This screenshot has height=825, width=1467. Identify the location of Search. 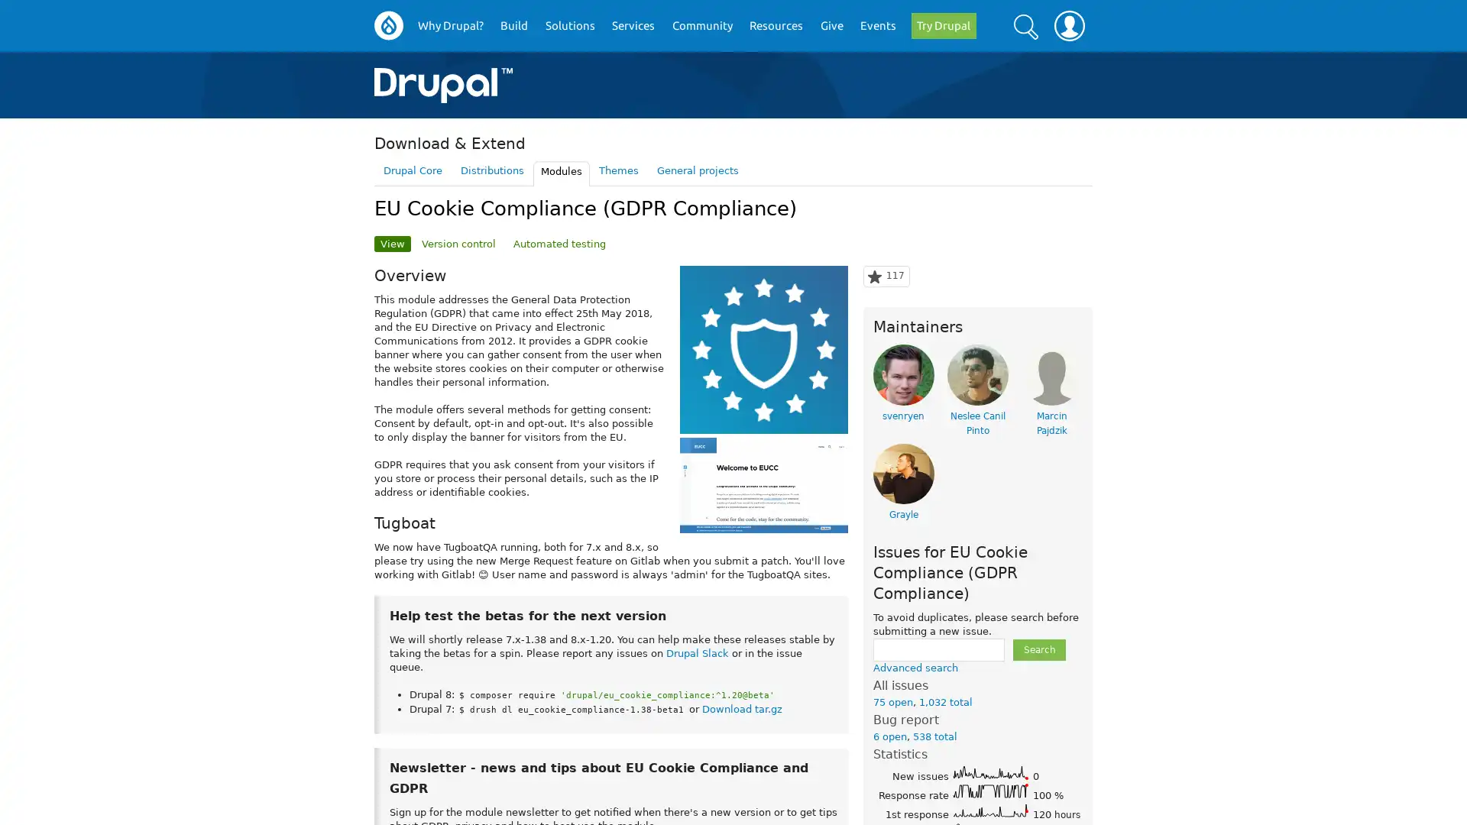
(1038, 650).